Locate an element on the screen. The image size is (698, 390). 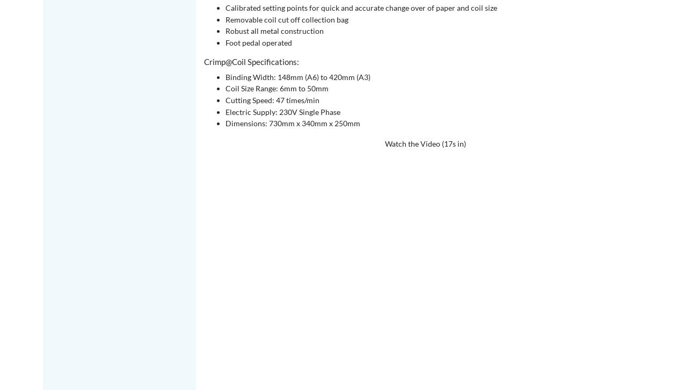
'Crimp@Coil Specifications:' is located at coordinates (251, 61).